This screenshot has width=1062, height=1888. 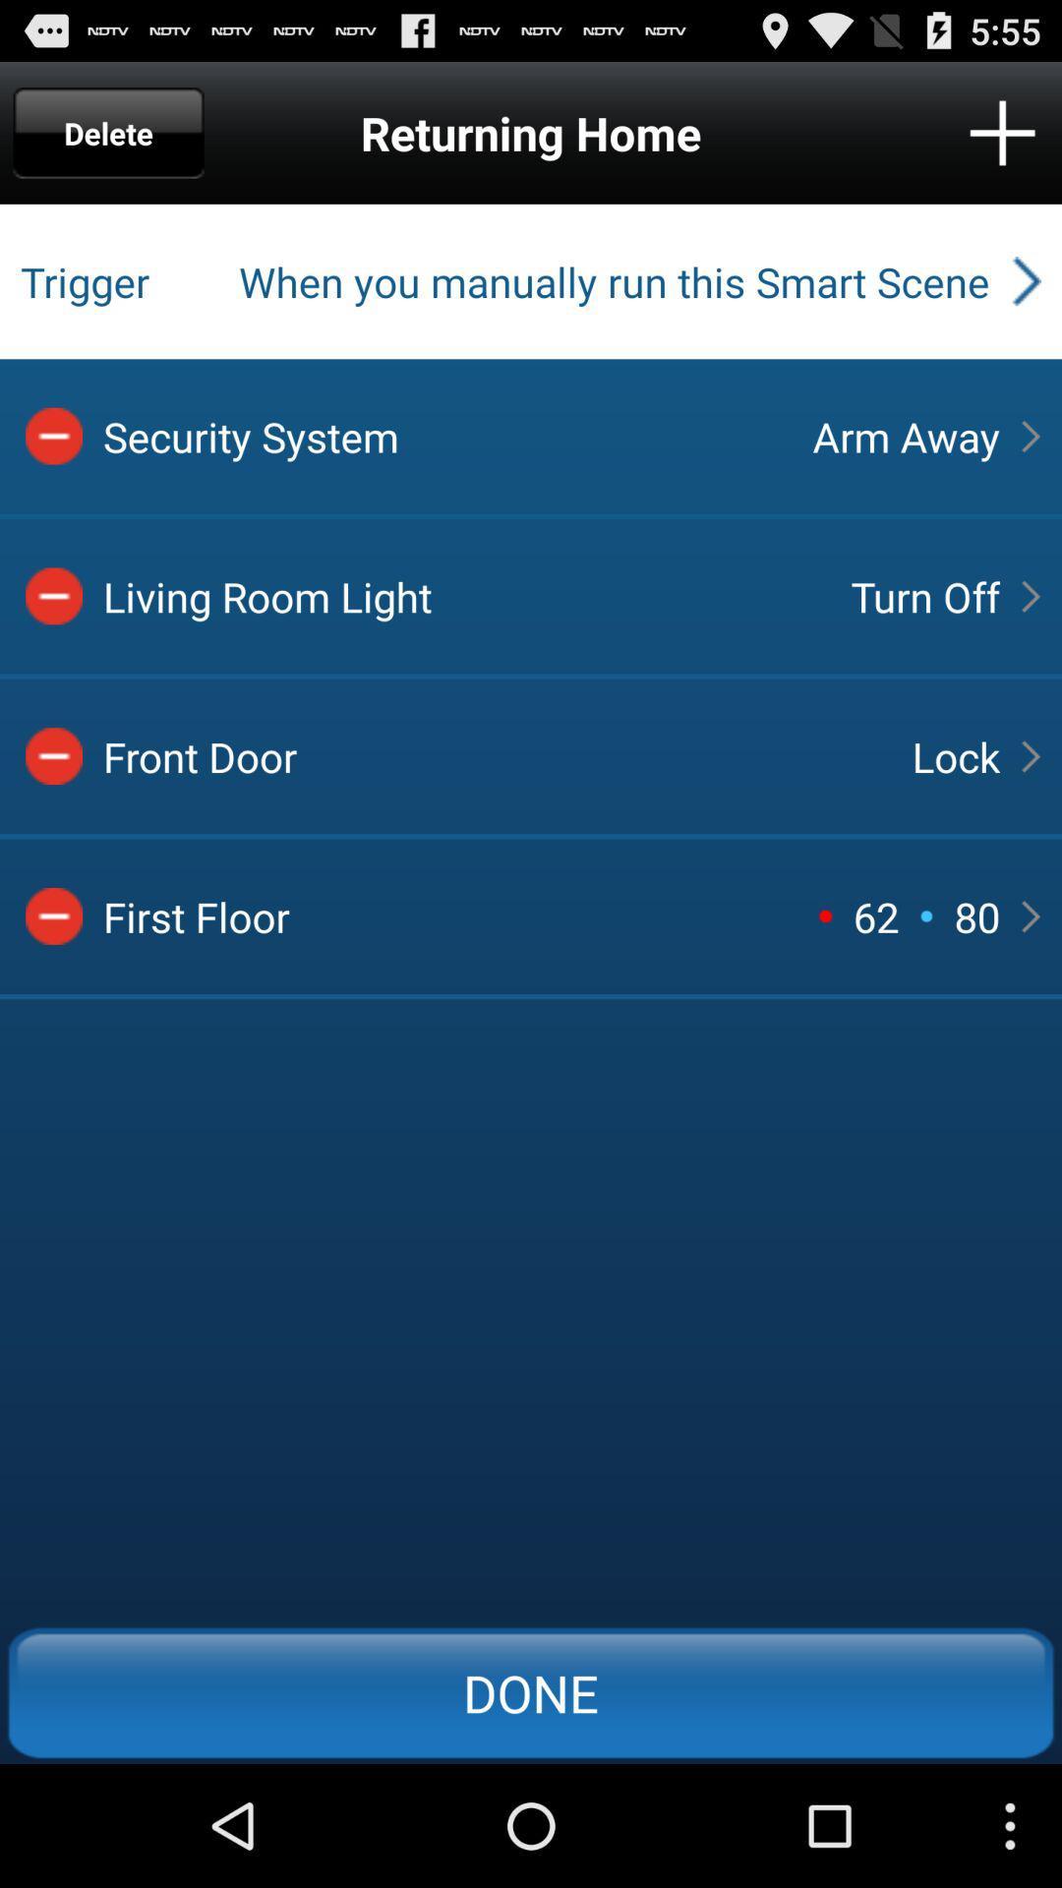 I want to click on 62 item, so click(x=875, y=915).